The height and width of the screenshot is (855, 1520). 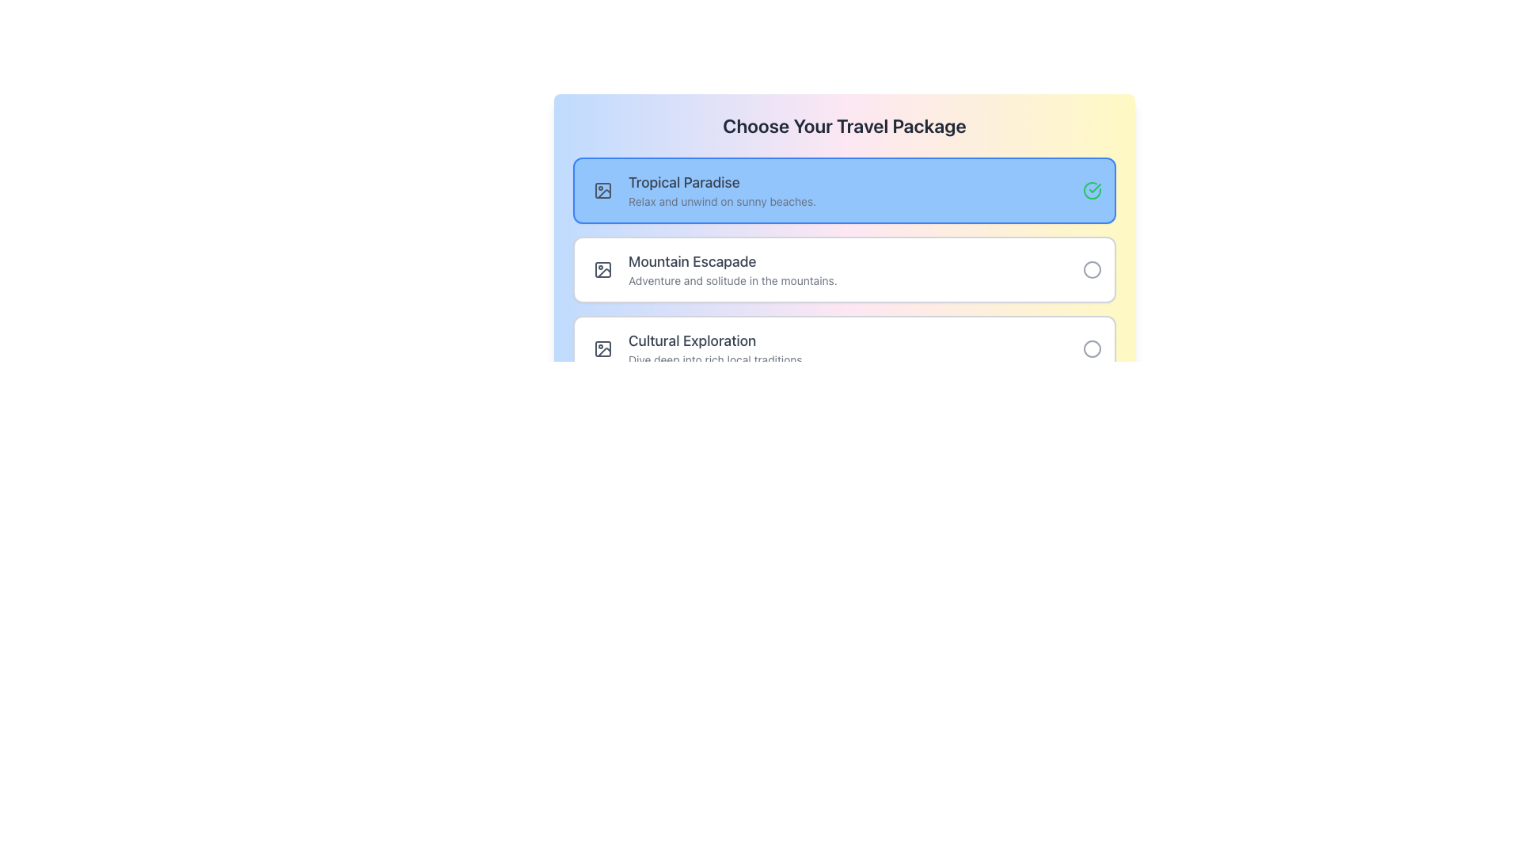 What do you see at coordinates (602, 268) in the screenshot?
I see `the icon representing the 'Mountain Escapade' travel package option` at bounding box center [602, 268].